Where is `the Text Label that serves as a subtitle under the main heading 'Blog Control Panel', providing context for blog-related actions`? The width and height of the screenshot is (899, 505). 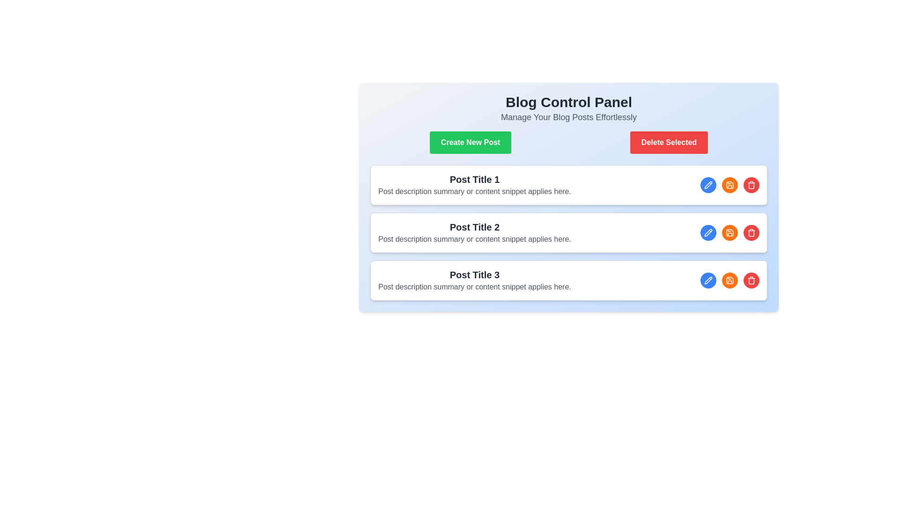
the Text Label that serves as a subtitle under the main heading 'Blog Control Panel', providing context for blog-related actions is located at coordinates (568, 116).